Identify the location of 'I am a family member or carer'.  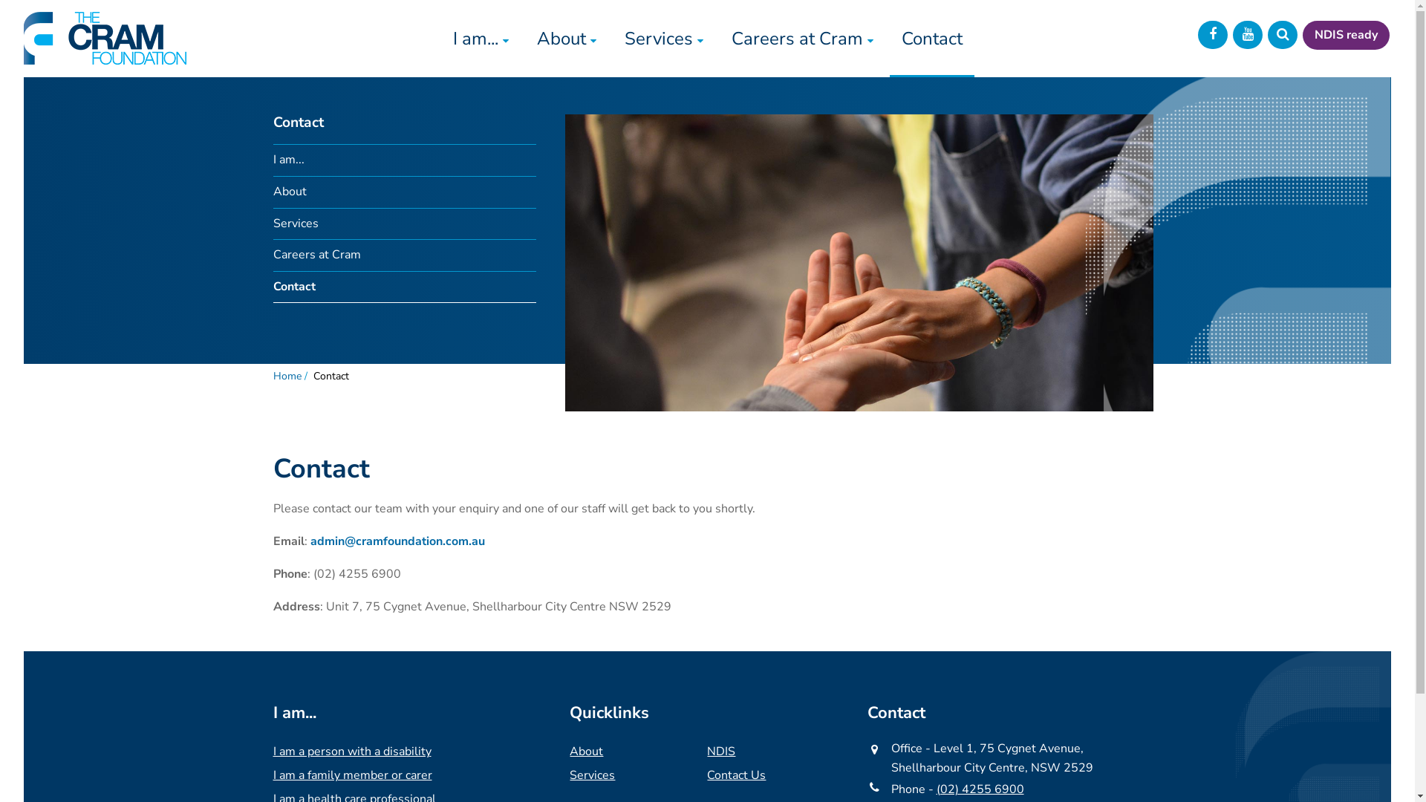
(352, 775).